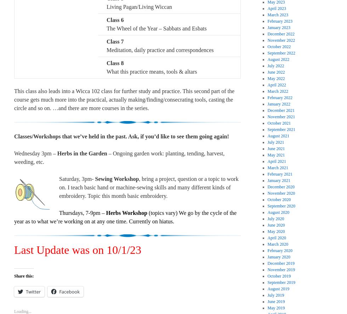 The image size is (347, 314). I want to click on 'July 2022', so click(275, 65).